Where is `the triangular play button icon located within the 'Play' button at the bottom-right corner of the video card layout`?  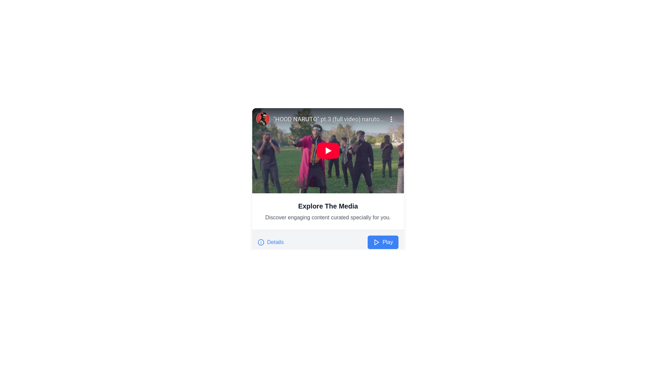
the triangular play button icon located within the 'Play' button at the bottom-right corner of the video card layout is located at coordinates (376, 242).